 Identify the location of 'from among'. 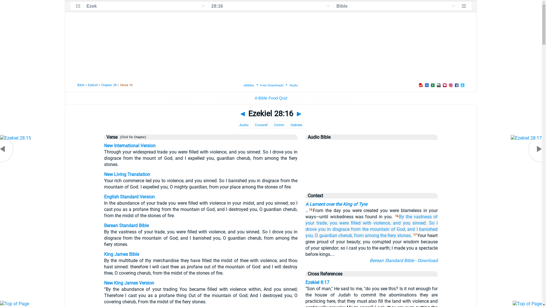
(367, 235).